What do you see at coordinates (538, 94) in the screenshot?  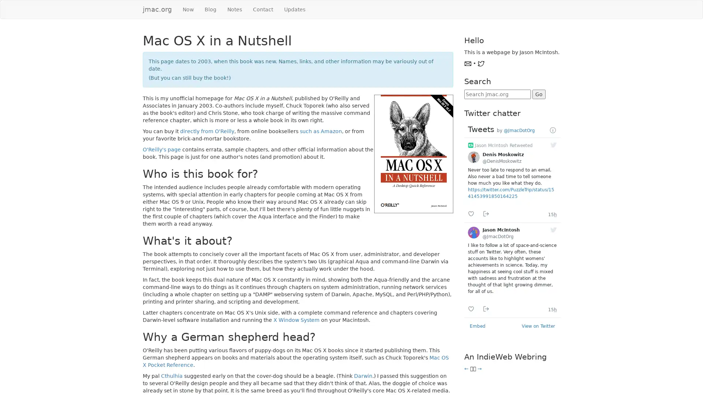 I see `Go` at bounding box center [538, 94].